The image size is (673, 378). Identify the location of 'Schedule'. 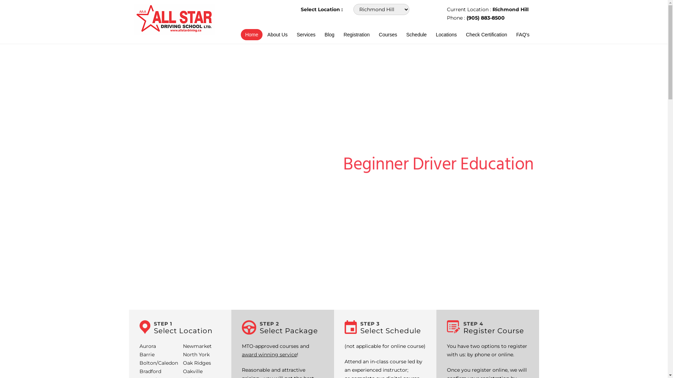
(416, 35).